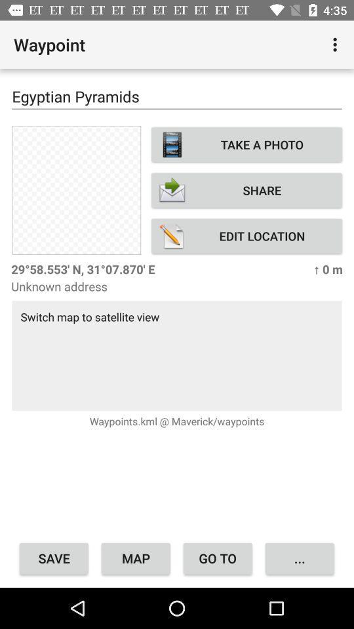  What do you see at coordinates (246, 236) in the screenshot?
I see `item above the 29 58 553` at bounding box center [246, 236].